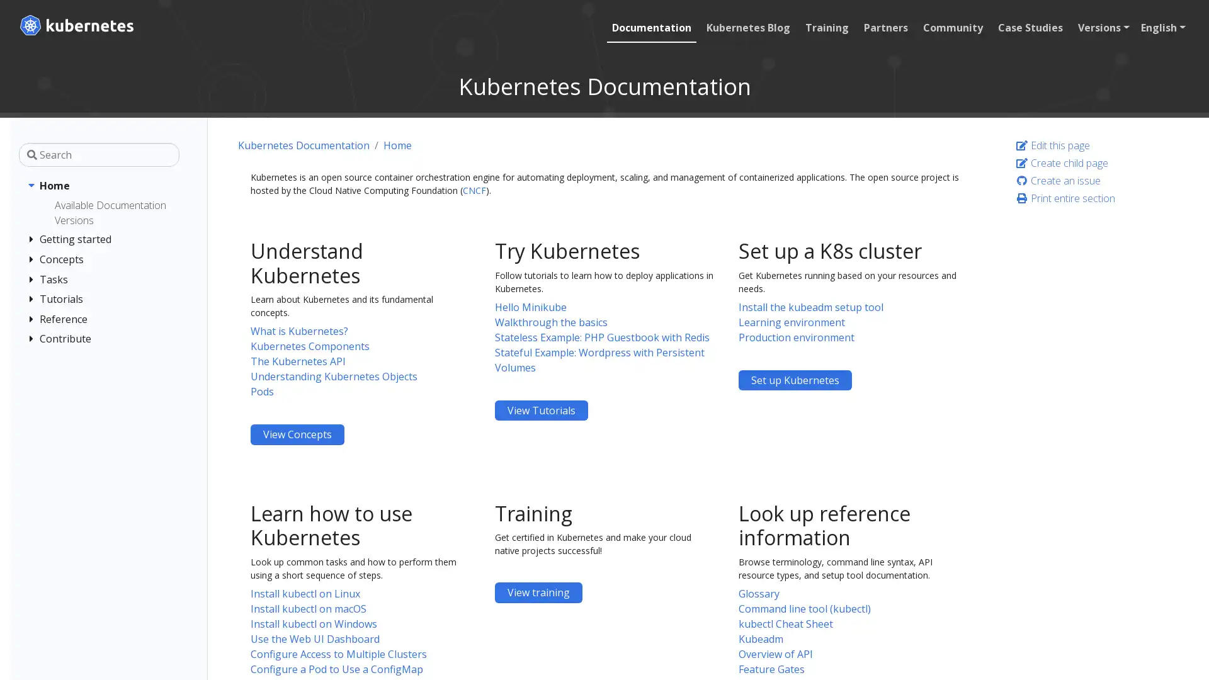 The image size is (1209, 680). Describe the element at coordinates (541, 410) in the screenshot. I see `Try Kubernetes` at that location.